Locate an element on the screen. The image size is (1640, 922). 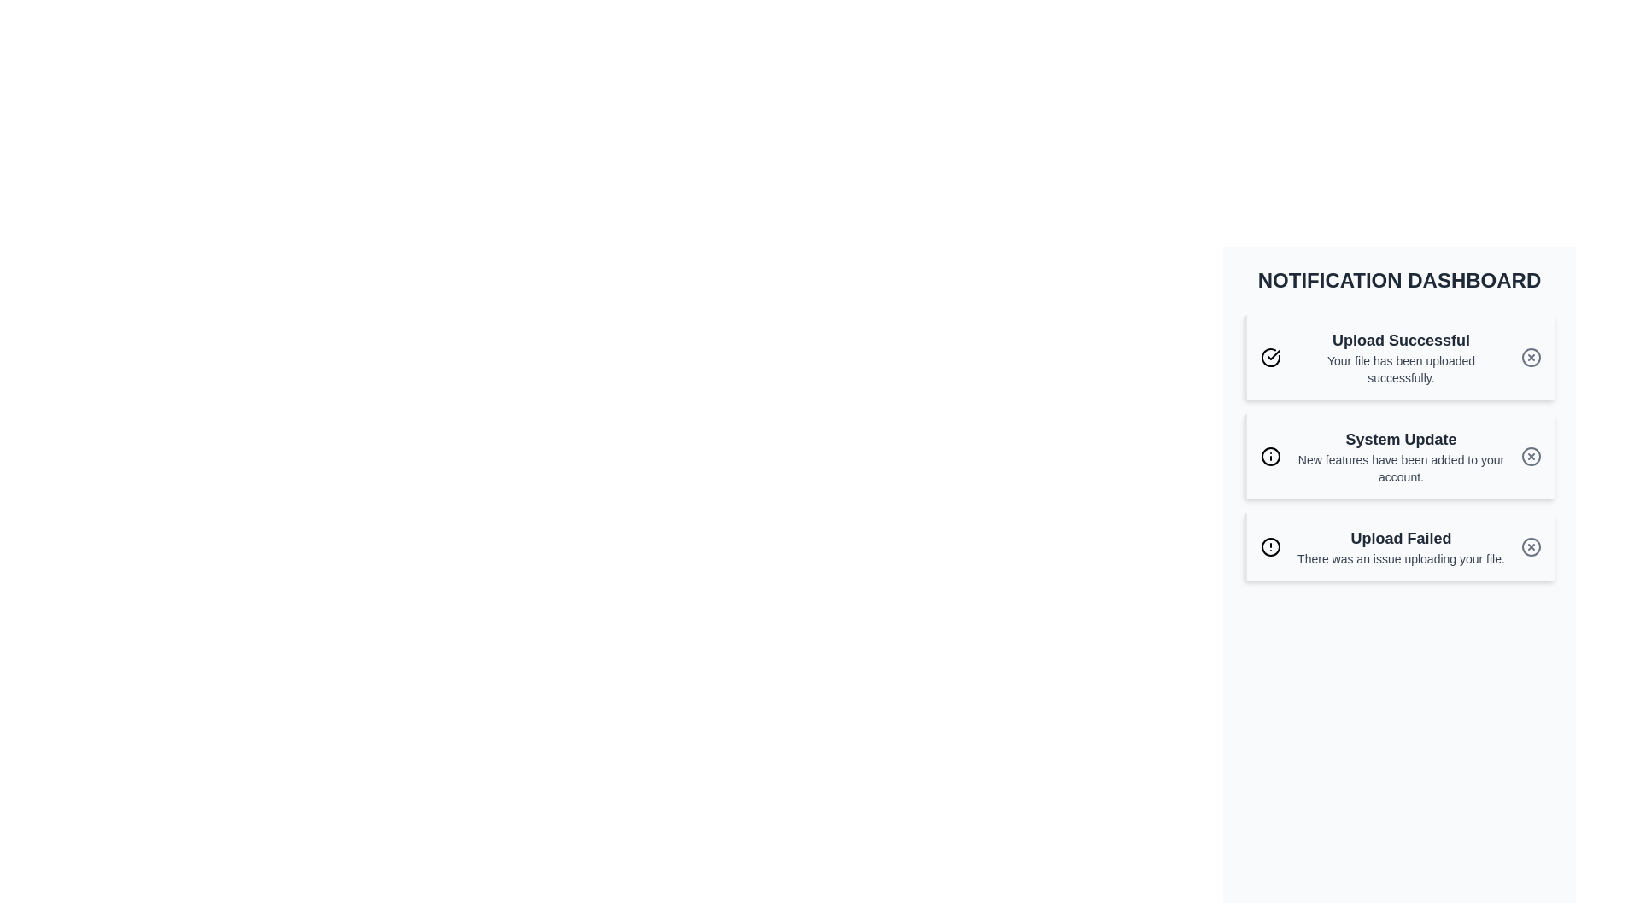
the third error notification in the 'Notification Dashboard' section is located at coordinates (1399, 546).